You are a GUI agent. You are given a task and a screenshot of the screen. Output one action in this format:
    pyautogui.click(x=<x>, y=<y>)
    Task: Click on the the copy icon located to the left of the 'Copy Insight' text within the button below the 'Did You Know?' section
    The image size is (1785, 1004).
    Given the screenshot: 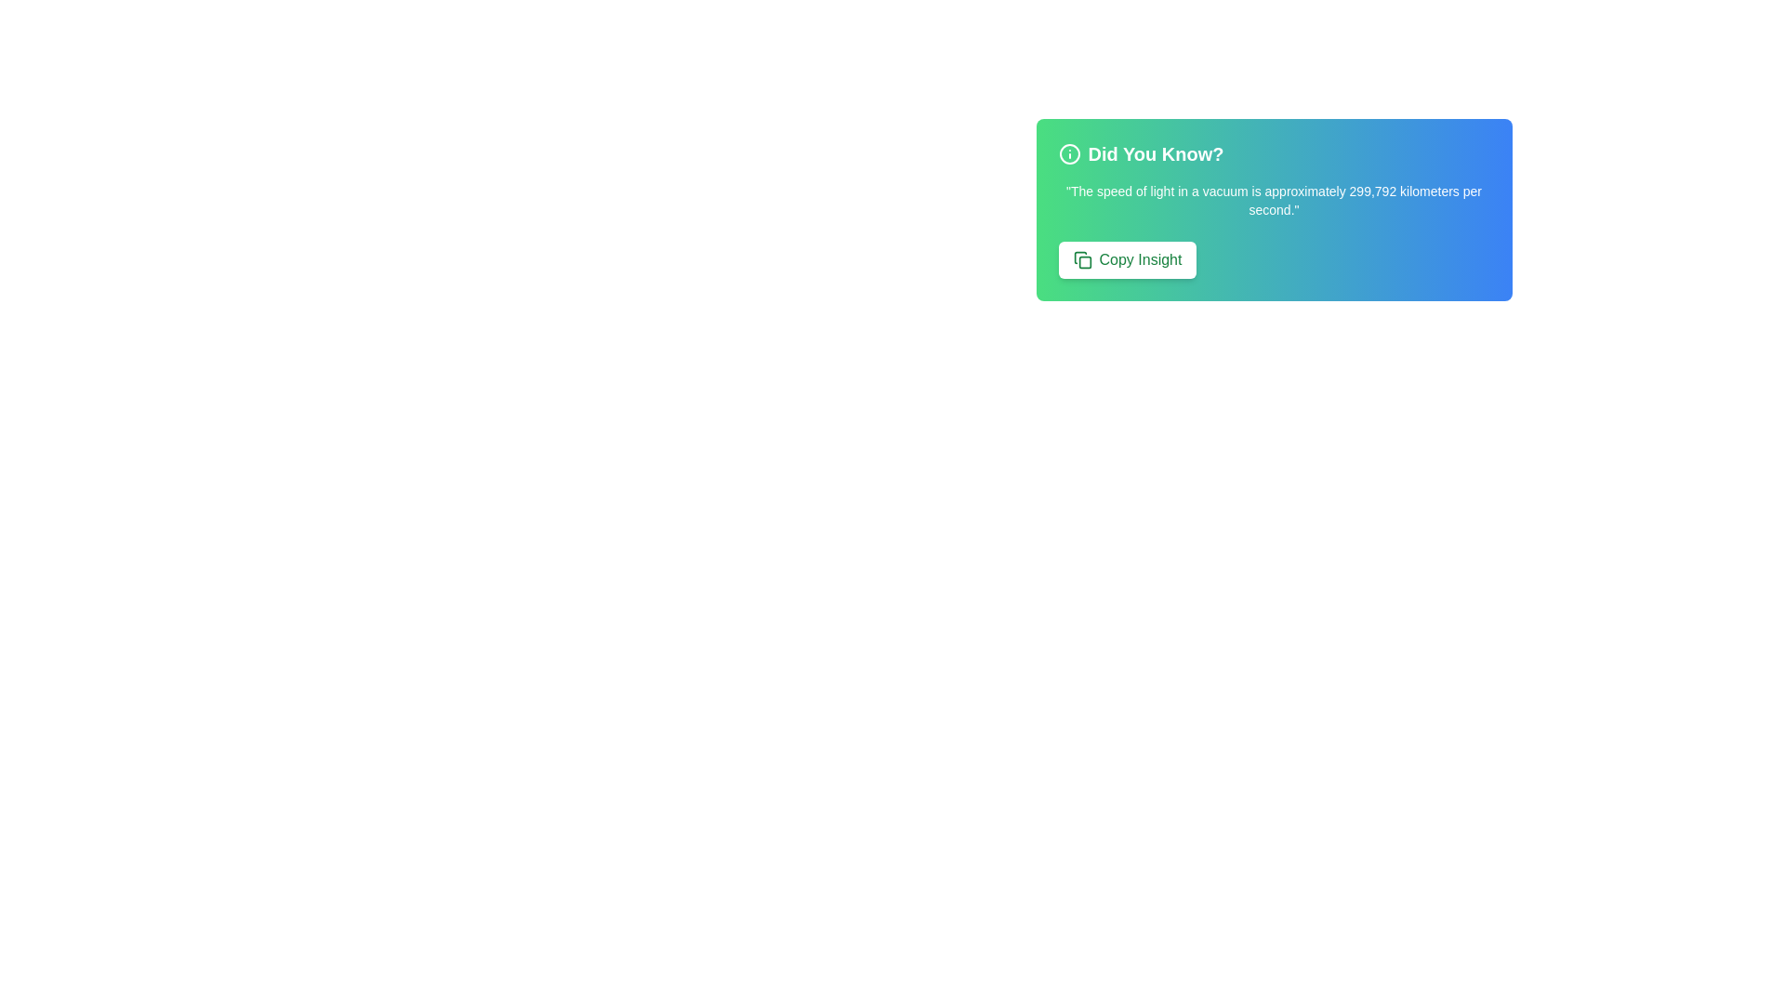 What is the action you would take?
    pyautogui.click(x=1082, y=260)
    